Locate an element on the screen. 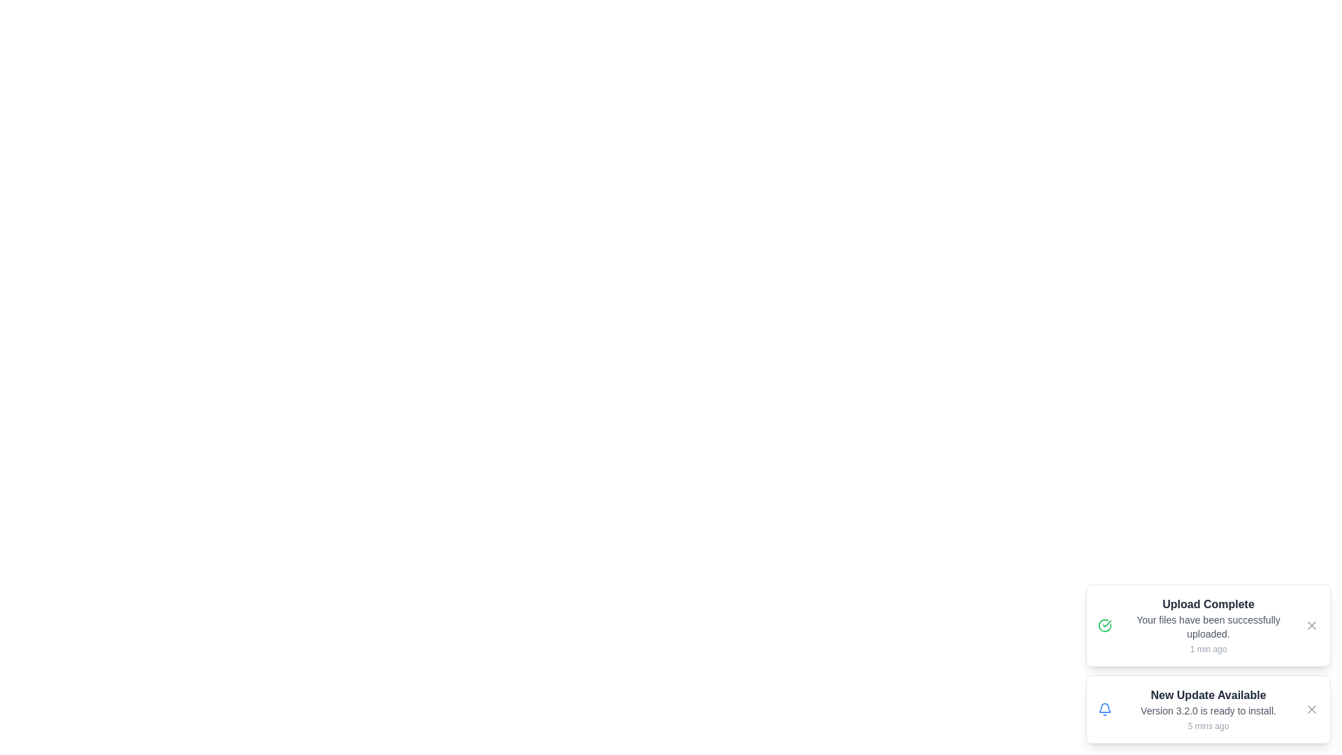  bold text label notifying about the new update availability, located at the top of the bottom notification card on the right side of the interface is located at coordinates (1207, 696).